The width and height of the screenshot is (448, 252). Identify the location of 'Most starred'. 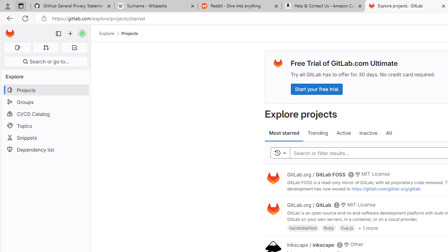
(284, 133).